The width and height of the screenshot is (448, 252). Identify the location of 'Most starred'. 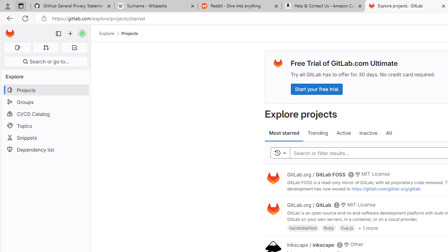
(284, 133).